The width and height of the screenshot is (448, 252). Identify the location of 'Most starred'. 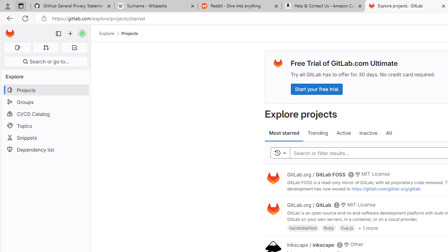
(284, 133).